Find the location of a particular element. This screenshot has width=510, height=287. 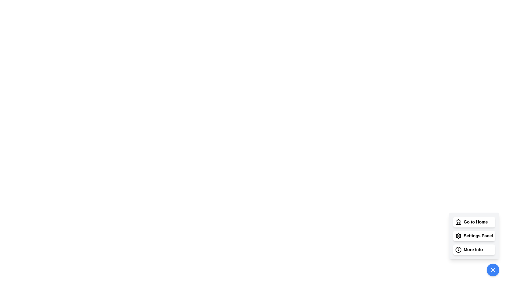

the 'X' icon in the bottom-right corner of the interface, which represents a close or cancel action is located at coordinates (493, 270).